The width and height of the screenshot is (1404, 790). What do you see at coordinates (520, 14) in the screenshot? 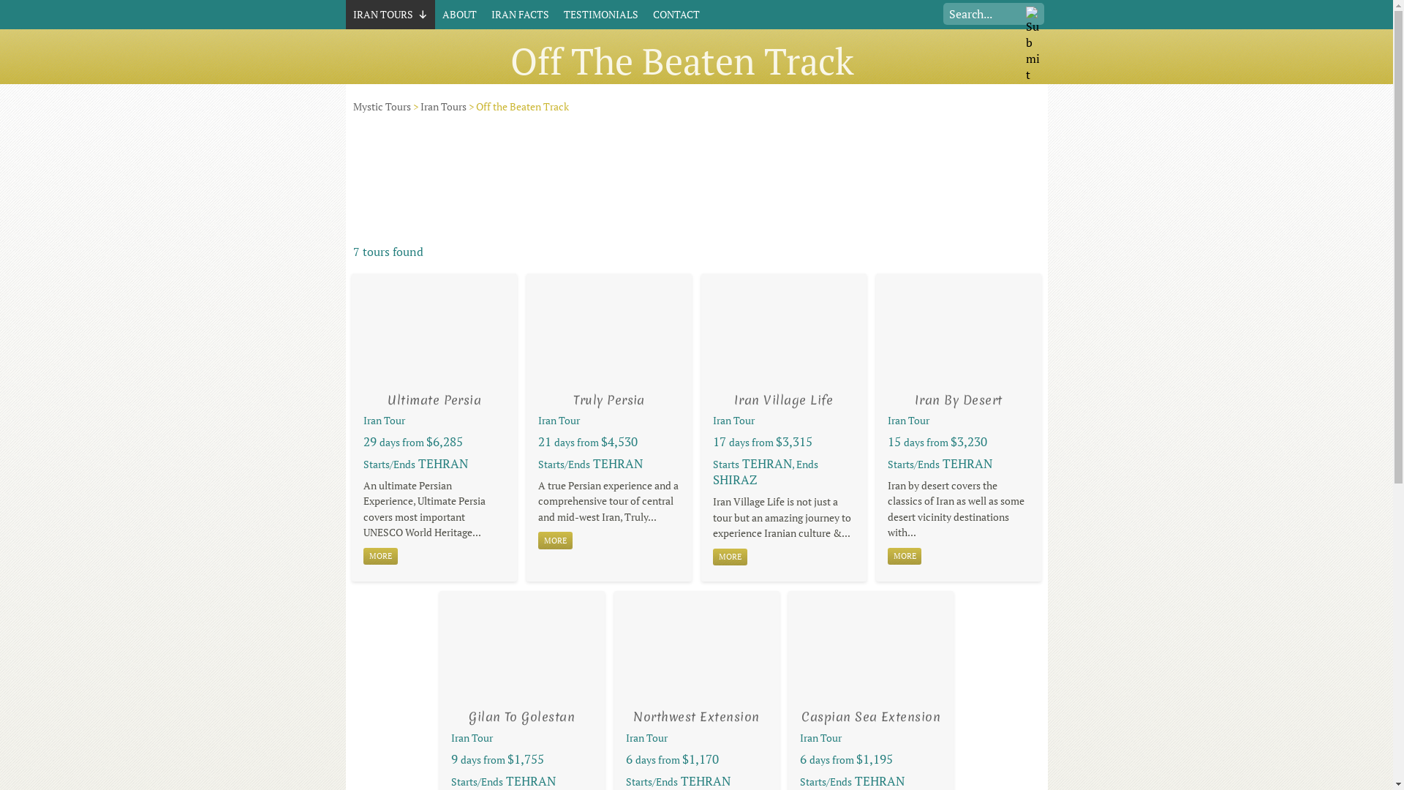
I see `'IRAN FACTS'` at bounding box center [520, 14].